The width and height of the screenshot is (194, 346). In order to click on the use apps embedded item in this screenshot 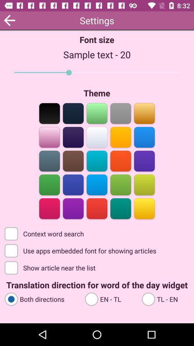, I will do `click(81, 250)`.